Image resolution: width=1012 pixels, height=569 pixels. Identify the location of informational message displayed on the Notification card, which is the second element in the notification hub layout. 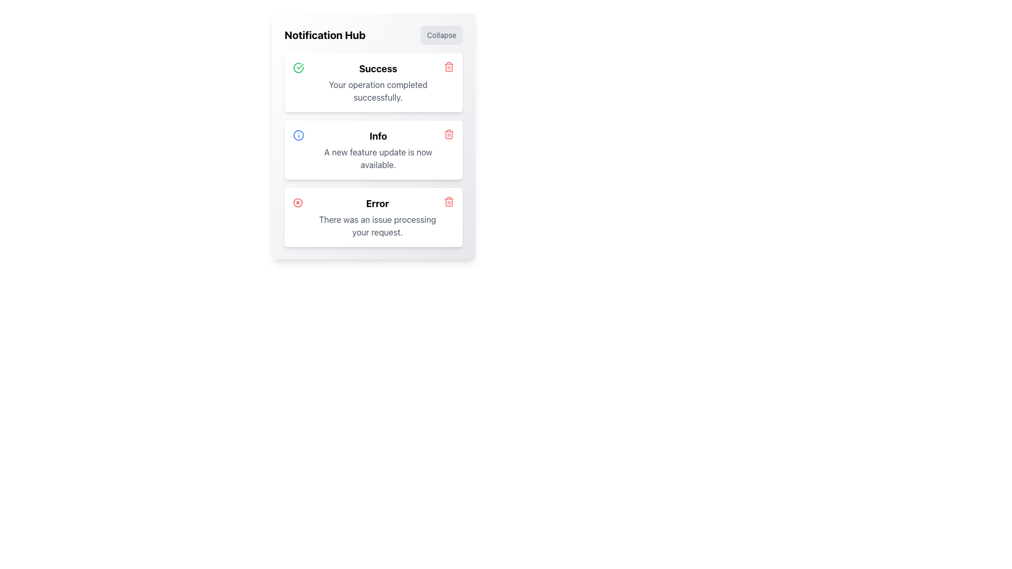
(374, 150).